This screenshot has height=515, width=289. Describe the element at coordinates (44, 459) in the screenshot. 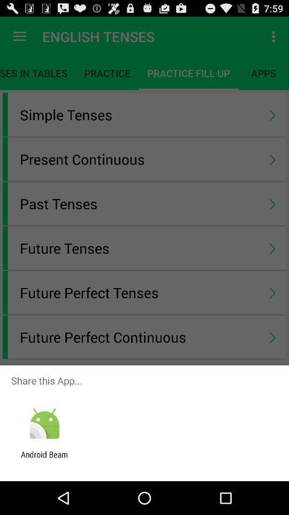

I see `android beam` at that location.